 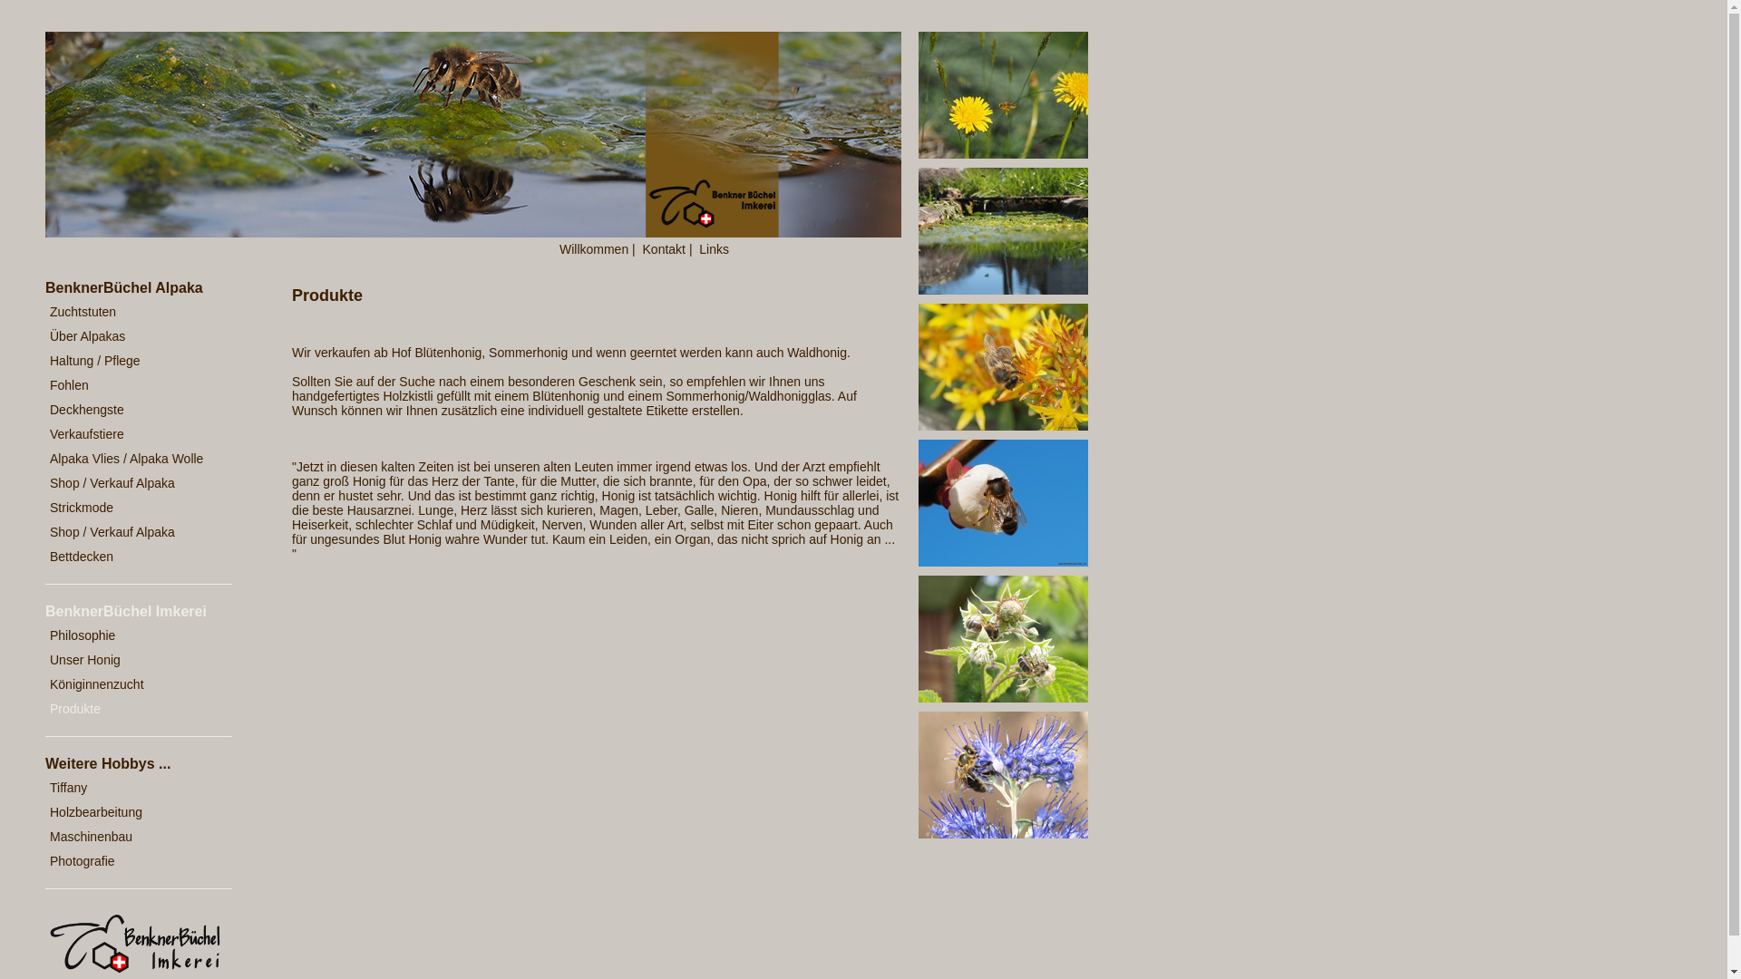 What do you see at coordinates (698, 248) in the screenshot?
I see `'Links'` at bounding box center [698, 248].